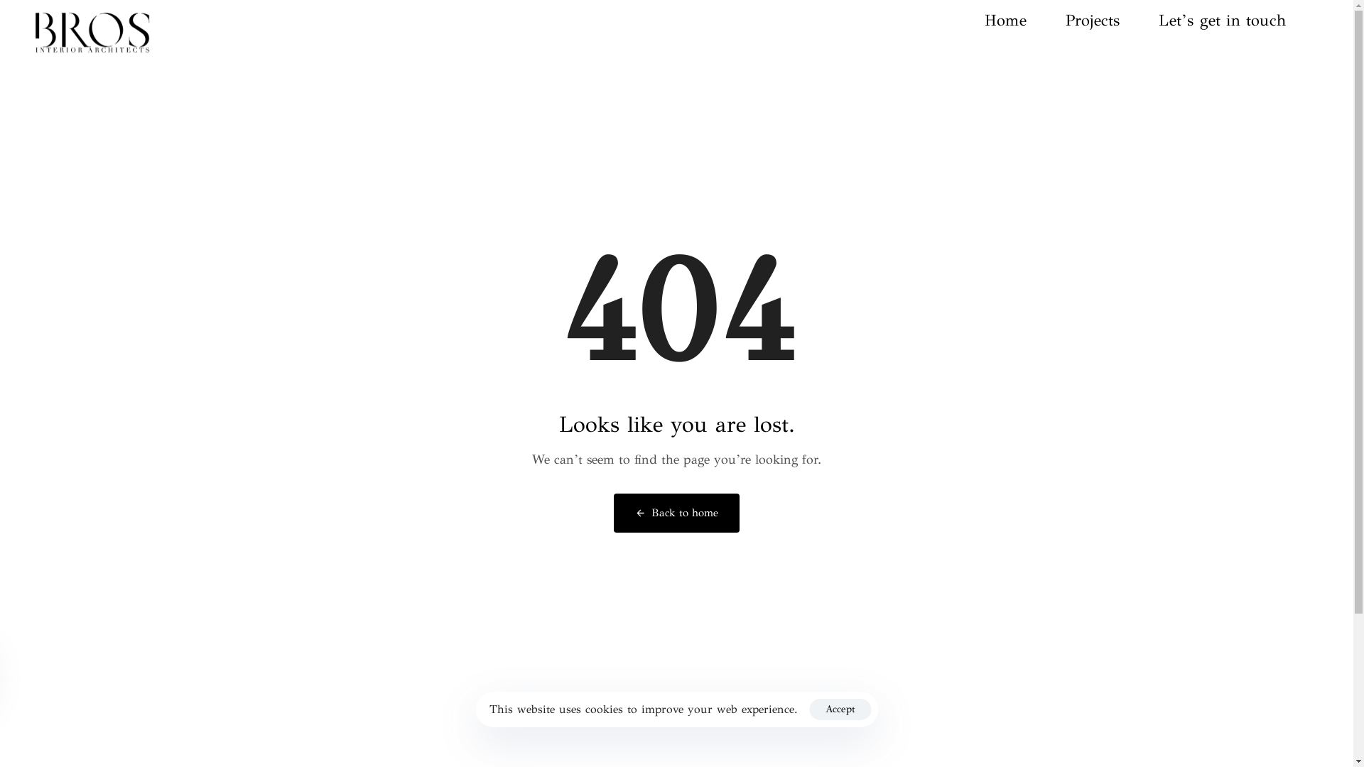  What do you see at coordinates (1025, 20) in the screenshot?
I see `'Home'` at bounding box center [1025, 20].